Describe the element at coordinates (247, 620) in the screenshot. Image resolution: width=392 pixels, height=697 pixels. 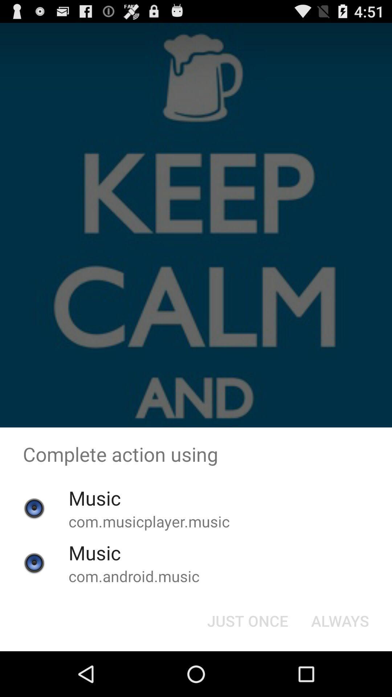
I see `the icon to the left of the always icon` at that location.